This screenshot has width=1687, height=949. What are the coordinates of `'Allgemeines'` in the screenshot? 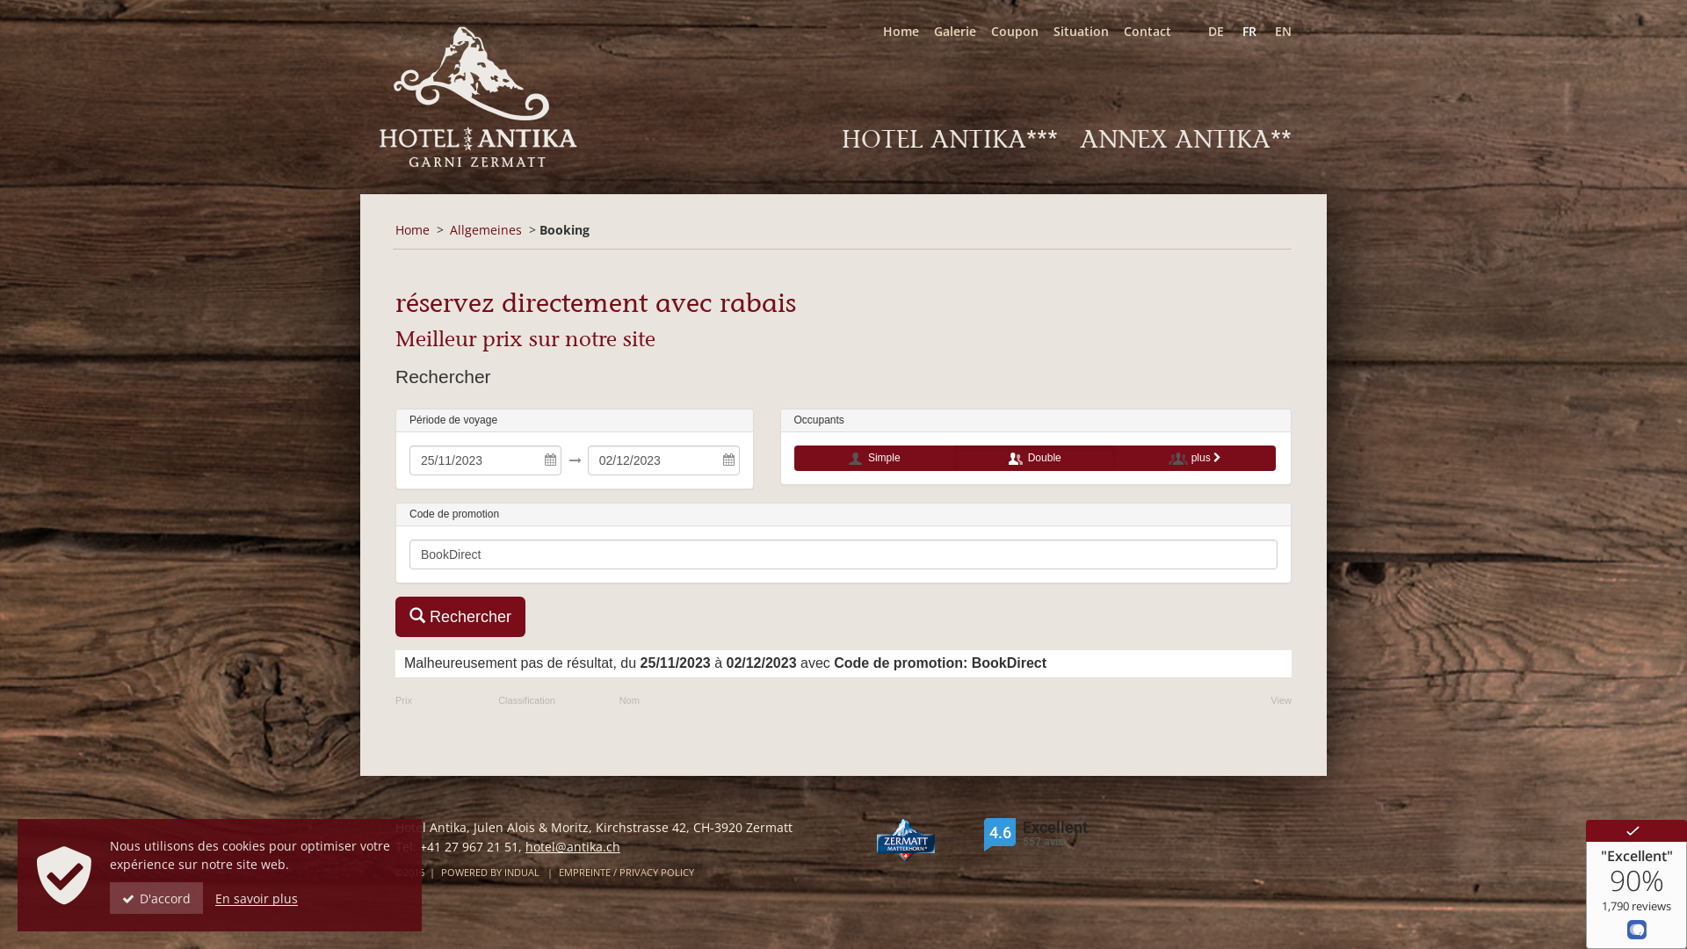 It's located at (485, 228).